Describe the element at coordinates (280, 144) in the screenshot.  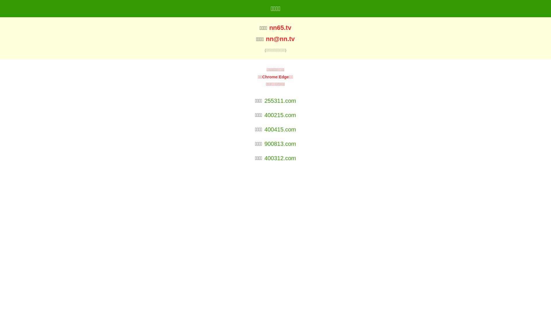
I see `'900813.com'` at that location.